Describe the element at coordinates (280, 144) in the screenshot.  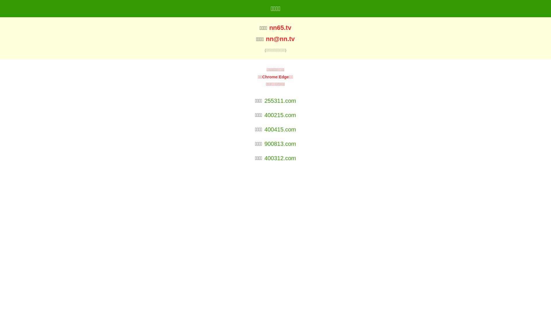
I see `'900813.com'` at that location.